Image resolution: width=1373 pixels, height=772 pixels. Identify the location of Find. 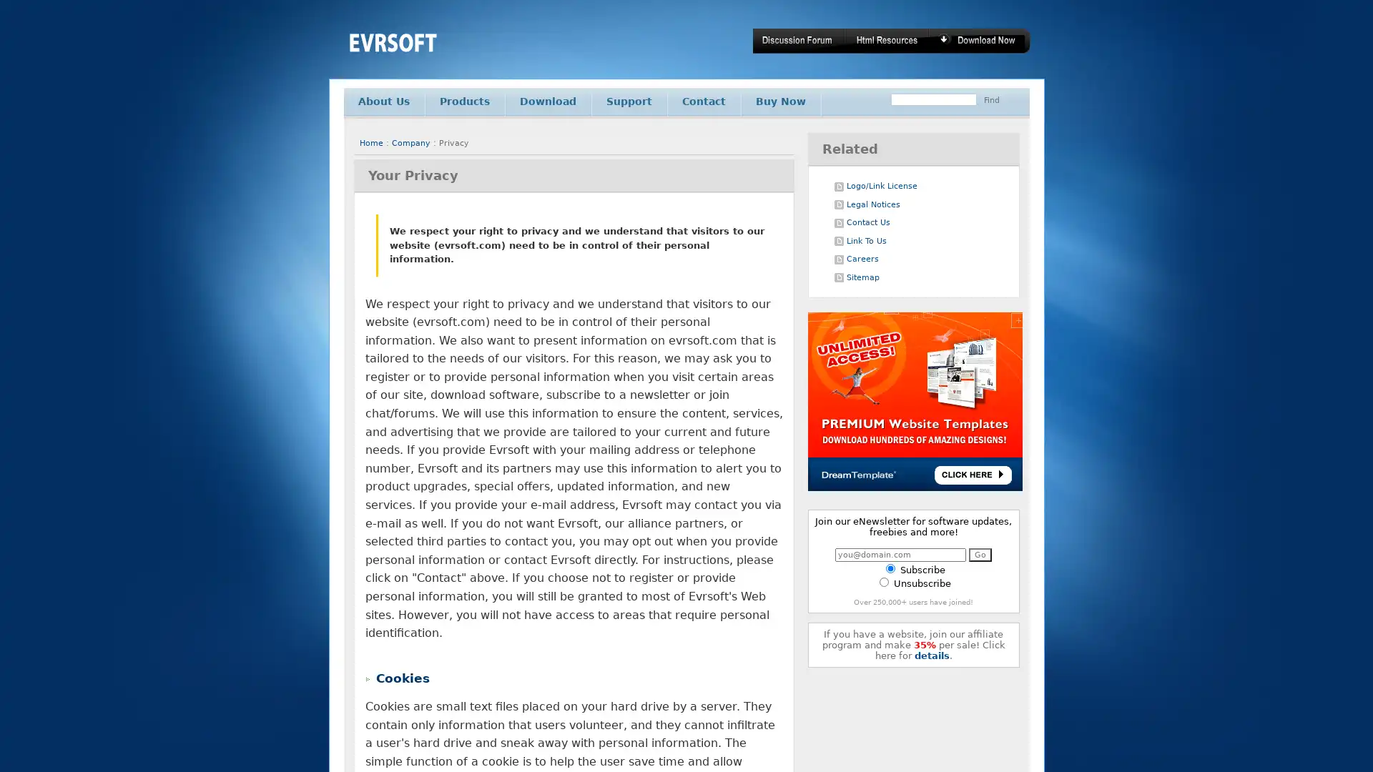
(990, 99).